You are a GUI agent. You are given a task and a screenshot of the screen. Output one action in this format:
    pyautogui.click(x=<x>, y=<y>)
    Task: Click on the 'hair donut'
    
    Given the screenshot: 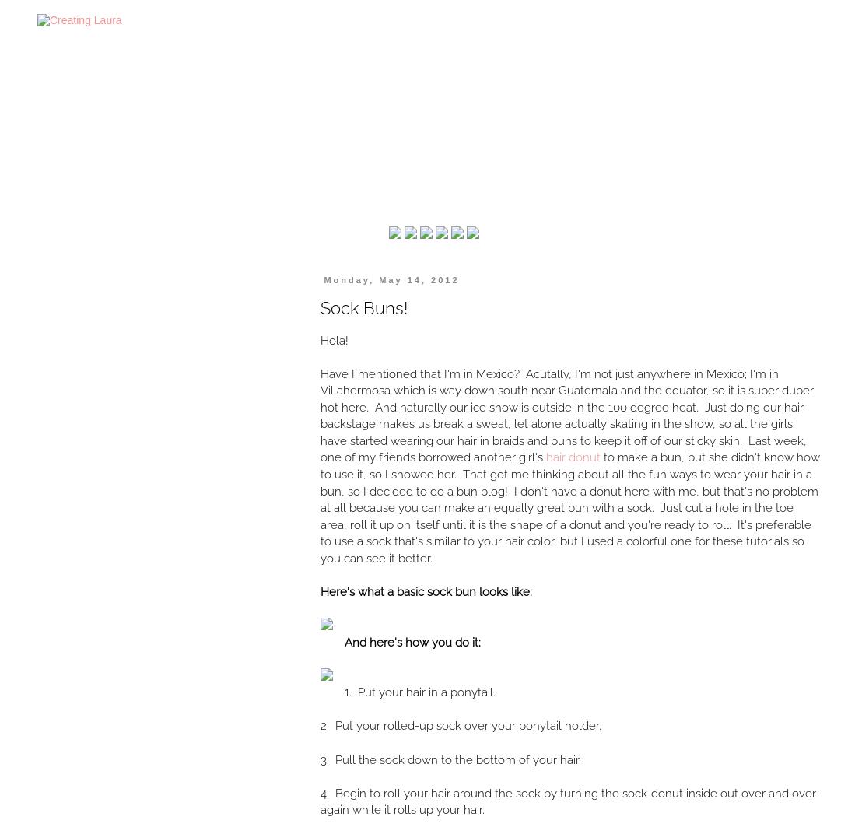 What is the action you would take?
    pyautogui.click(x=573, y=457)
    